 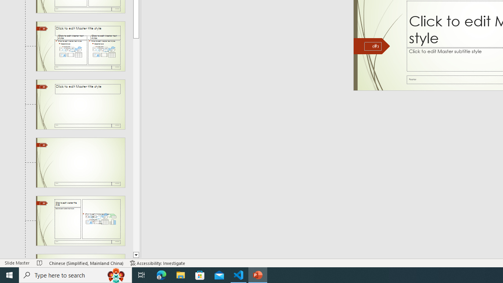 I want to click on 'Slide Number', so click(x=373, y=46).